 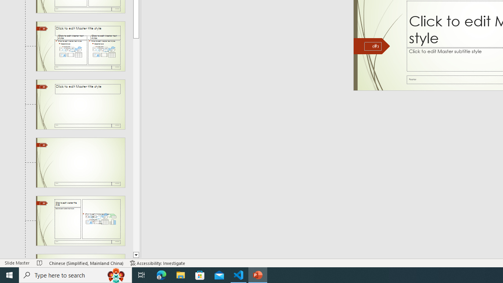 I want to click on 'Slide Number', so click(x=373, y=46).